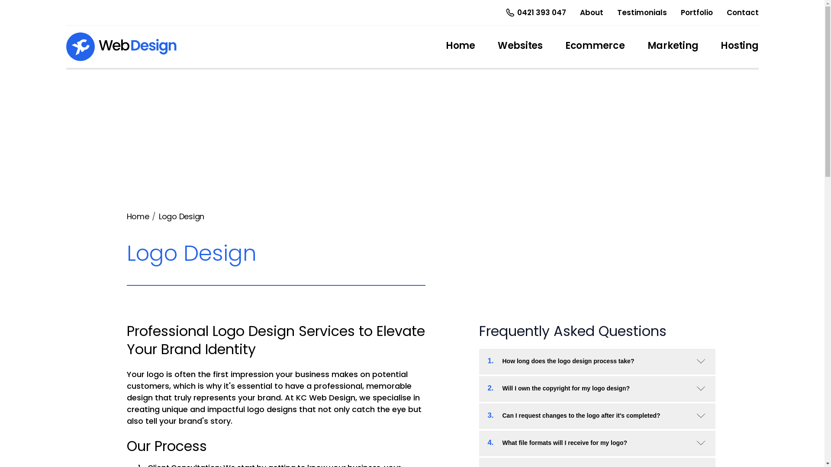 The width and height of the screenshot is (831, 467). What do you see at coordinates (739, 47) in the screenshot?
I see `'Hosting'` at bounding box center [739, 47].